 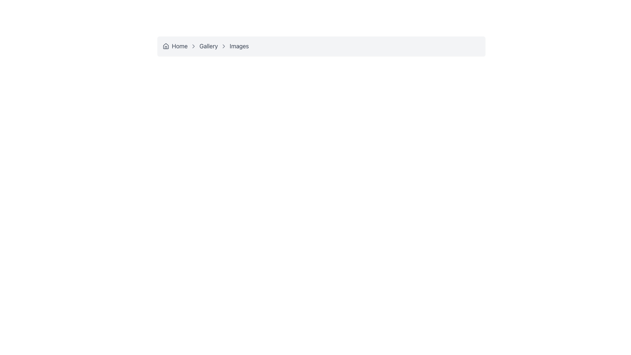 I want to click on the right-chevron SVG icon located between the 'Gallery' and 'Images' segments of the breadcrumb navigation bar, so click(x=224, y=46).